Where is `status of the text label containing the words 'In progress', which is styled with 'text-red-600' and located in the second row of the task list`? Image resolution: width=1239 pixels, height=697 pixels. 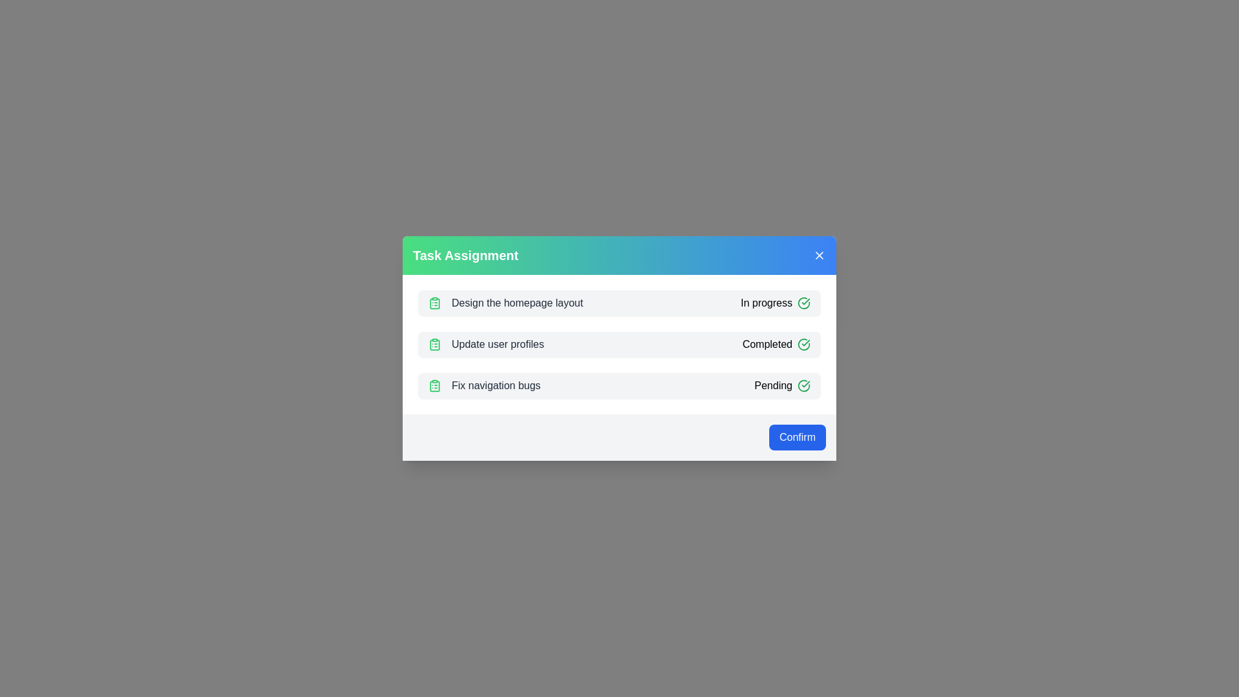 status of the text label containing the words 'In progress', which is styled with 'text-red-600' and located in the second row of the task list is located at coordinates (766, 303).